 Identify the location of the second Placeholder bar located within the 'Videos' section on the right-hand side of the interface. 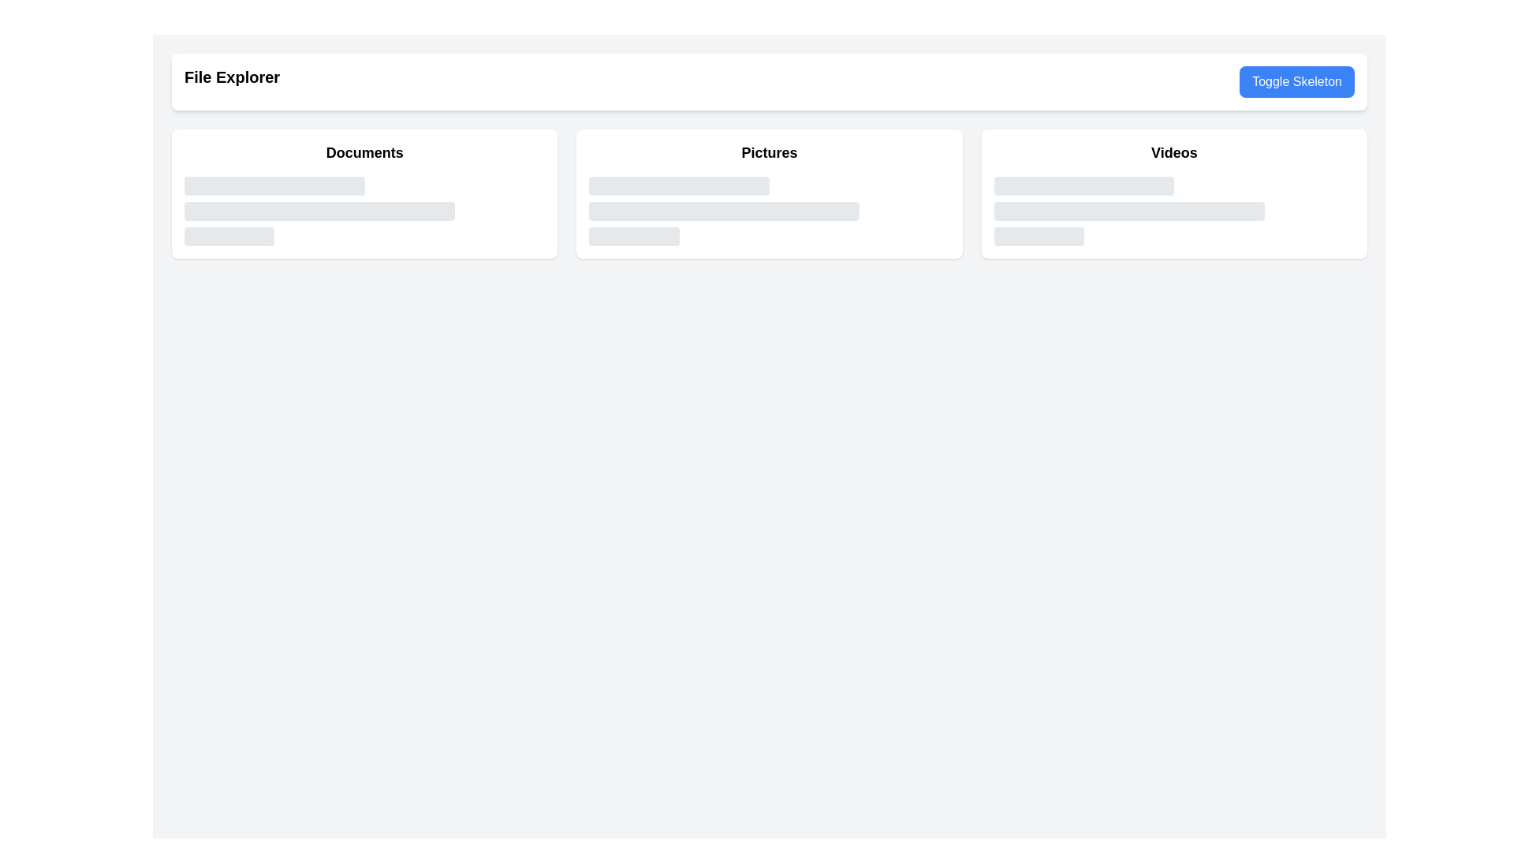
(1128, 210).